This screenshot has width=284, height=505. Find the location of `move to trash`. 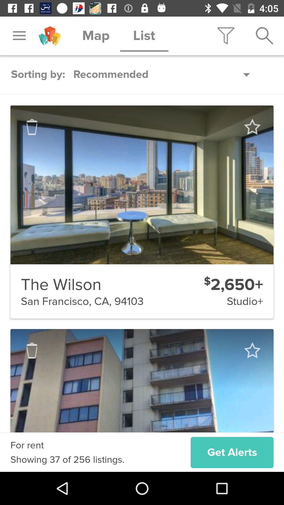

move to trash is located at coordinates (32, 350).